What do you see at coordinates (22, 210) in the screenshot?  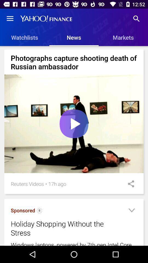 I see `the icon below the reuters videos` at bounding box center [22, 210].